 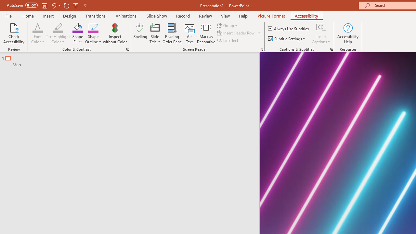 What do you see at coordinates (53, 5) in the screenshot?
I see `'Undo'` at bounding box center [53, 5].